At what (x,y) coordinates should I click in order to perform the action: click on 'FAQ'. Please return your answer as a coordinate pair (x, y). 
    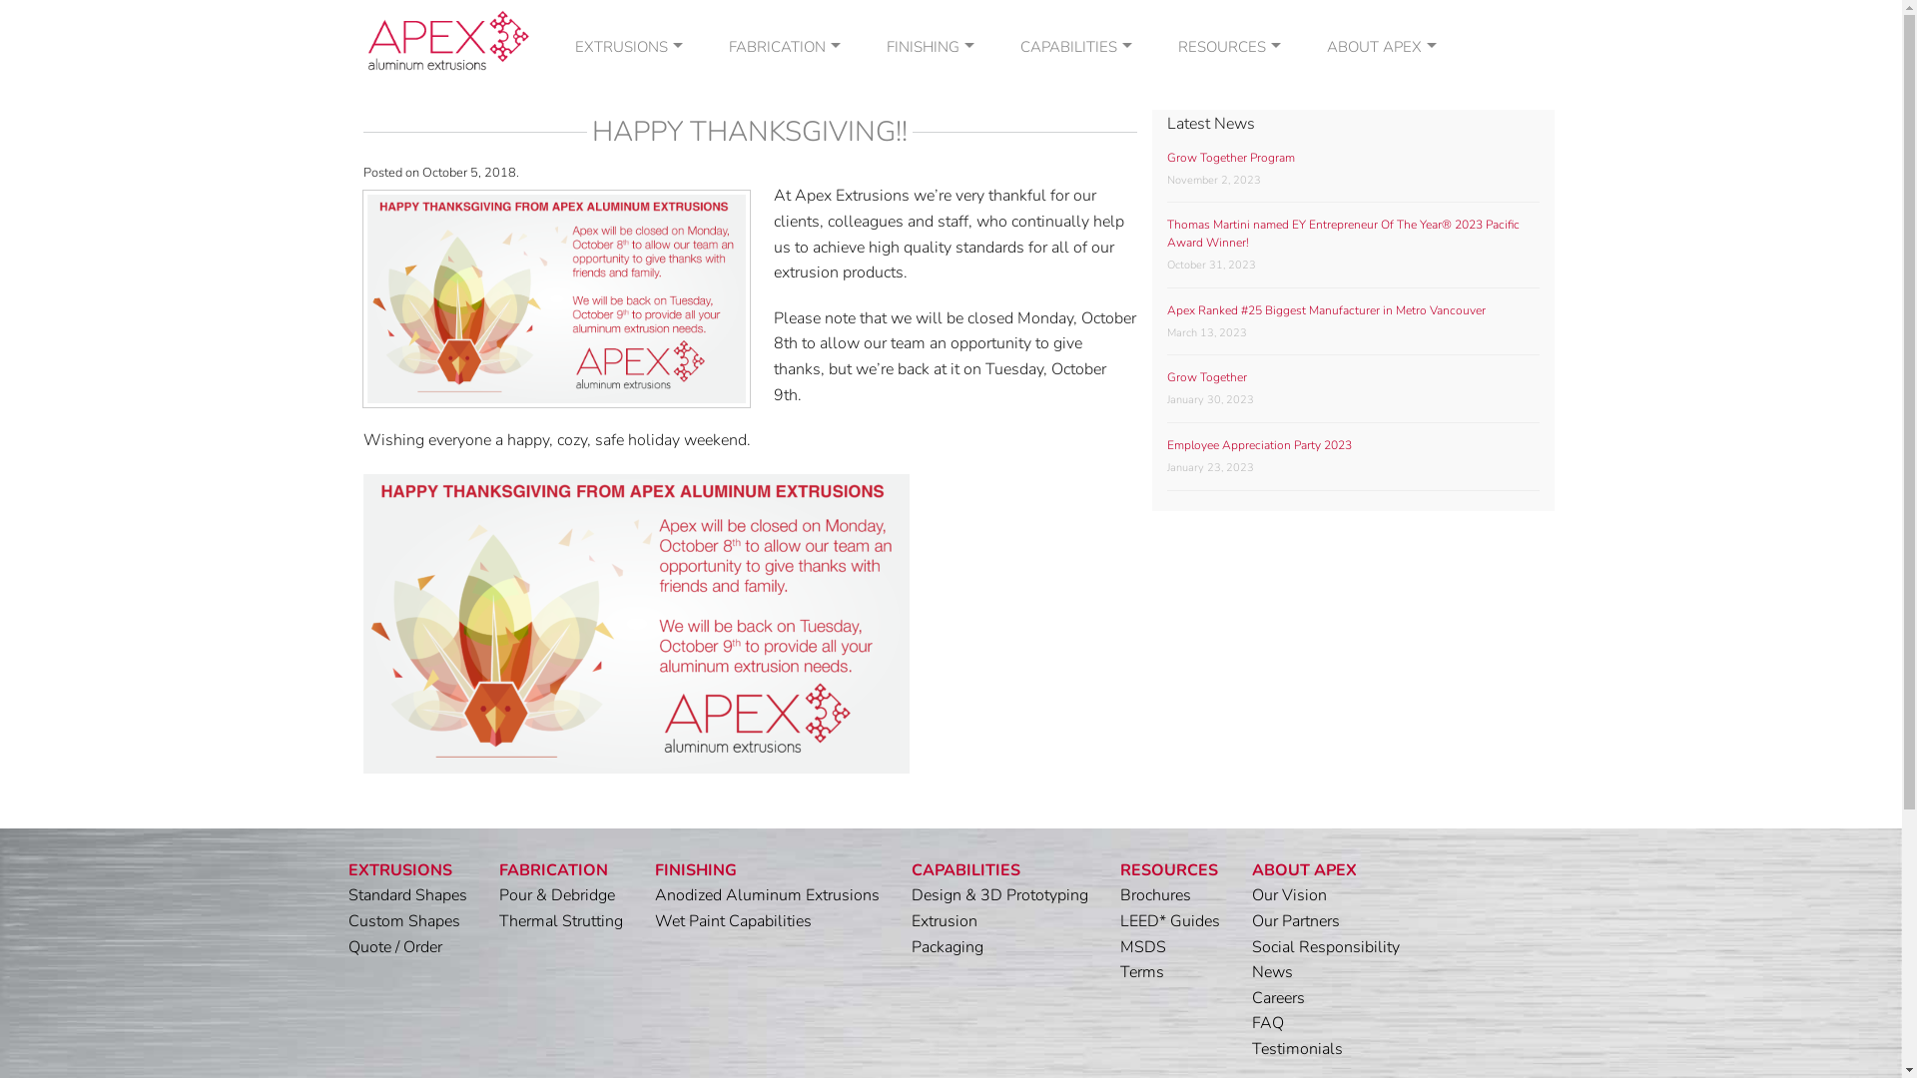
    Looking at the image, I should click on (1250, 1023).